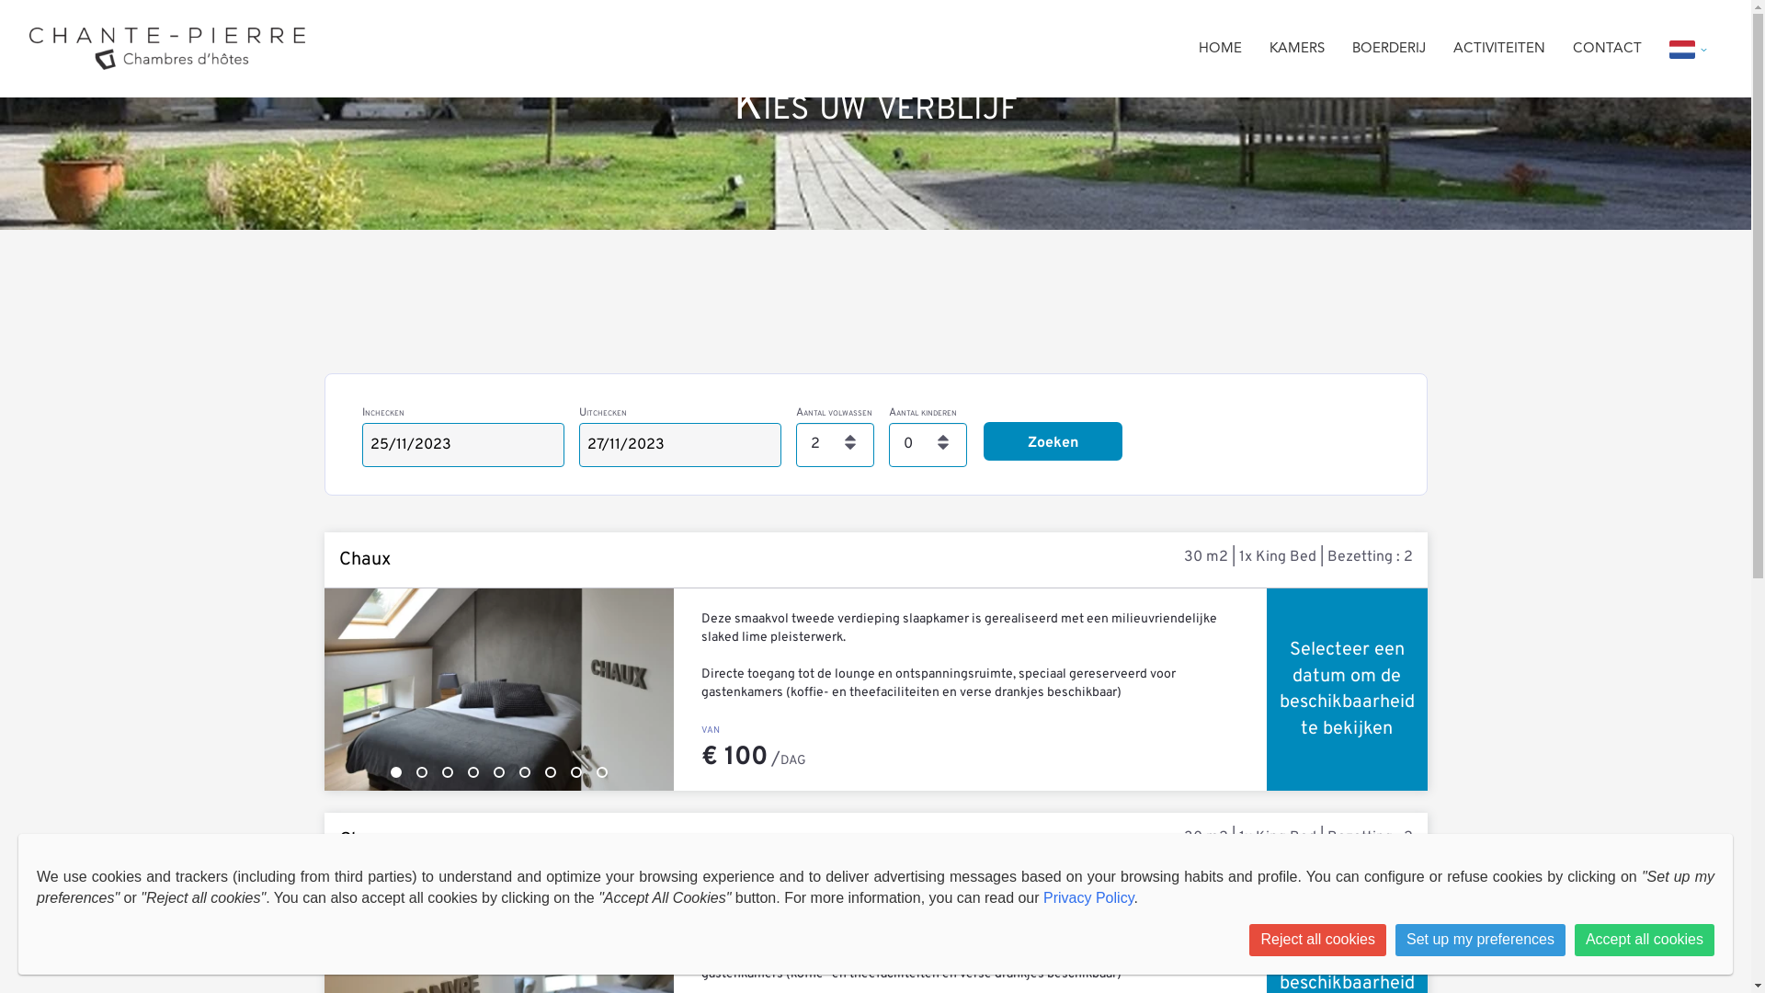 Image resolution: width=1765 pixels, height=993 pixels. What do you see at coordinates (1088, 896) in the screenshot?
I see `'Privacy Policy'` at bounding box center [1088, 896].